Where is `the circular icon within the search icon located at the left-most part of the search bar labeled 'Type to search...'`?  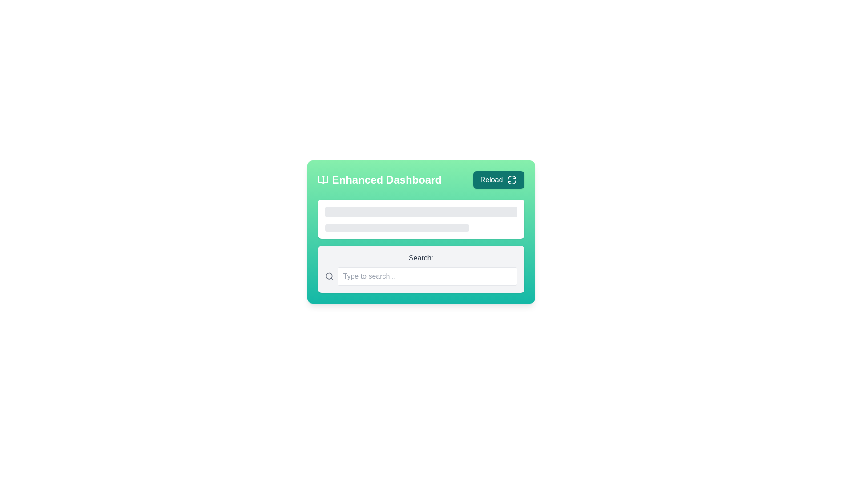 the circular icon within the search icon located at the left-most part of the search bar labeled 'Type to search...' is located at coordinates (328, 276).